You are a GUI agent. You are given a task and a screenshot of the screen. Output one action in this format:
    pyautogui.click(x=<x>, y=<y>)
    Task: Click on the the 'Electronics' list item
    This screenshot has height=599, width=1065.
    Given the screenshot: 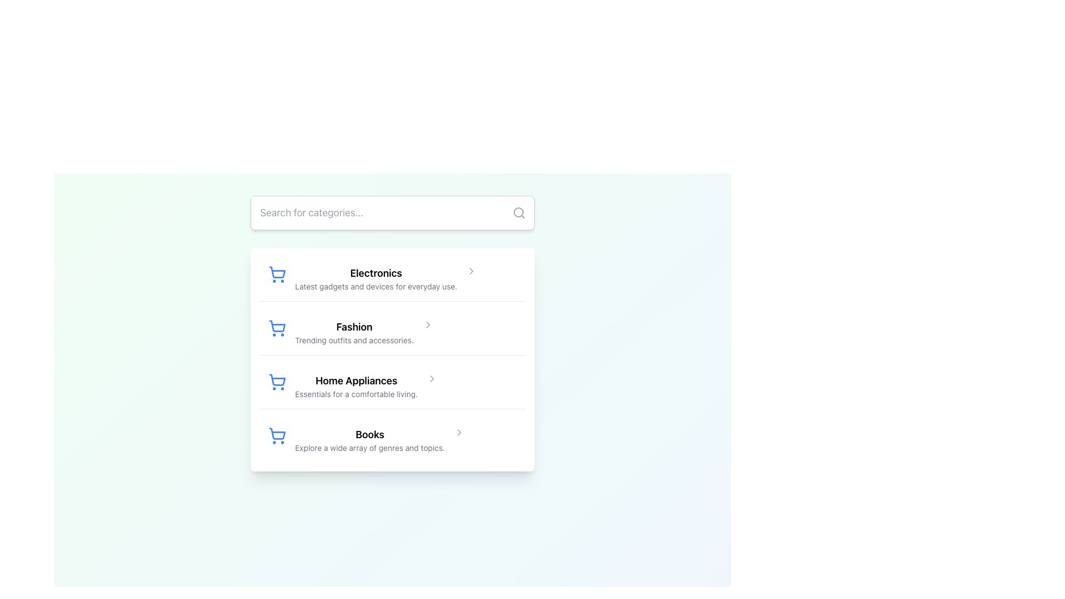 What is the action you would take?
    pyautogui.click(x=393, y=278)
    